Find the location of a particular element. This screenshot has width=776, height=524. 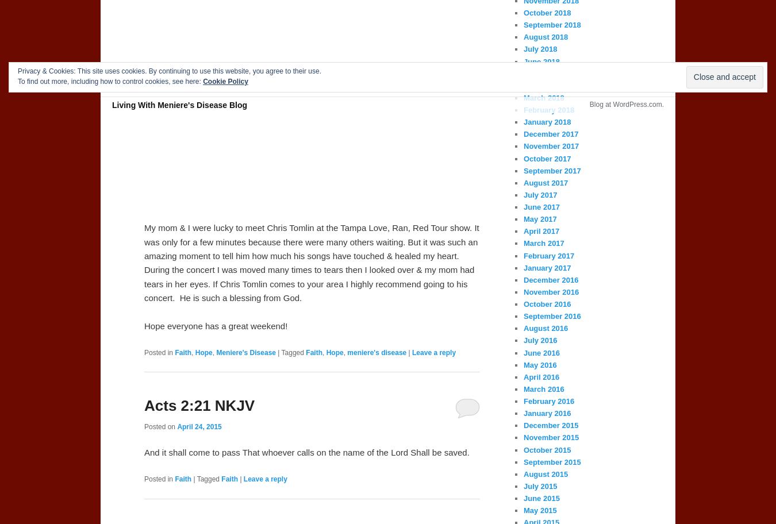

'April 2018' is located at coordinates (523, 84).